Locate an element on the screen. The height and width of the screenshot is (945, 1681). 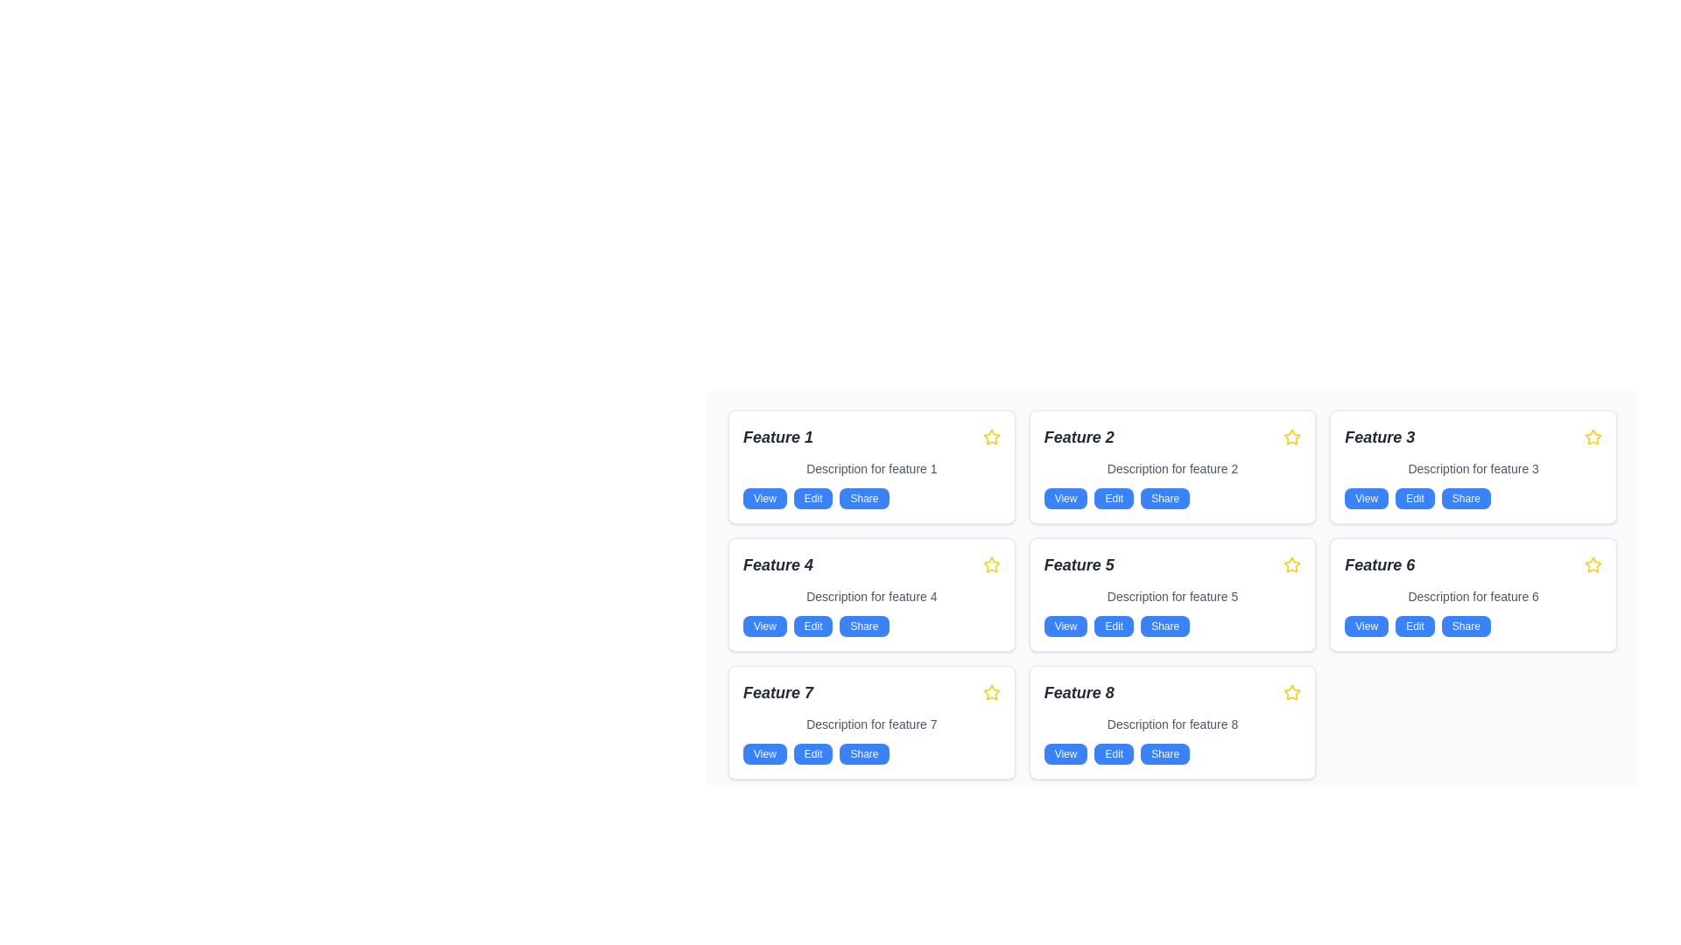
the 'Feature 7' title text label located in the third row, first column of the grid layout, next to the star icon is located at coordinates (777, 691).